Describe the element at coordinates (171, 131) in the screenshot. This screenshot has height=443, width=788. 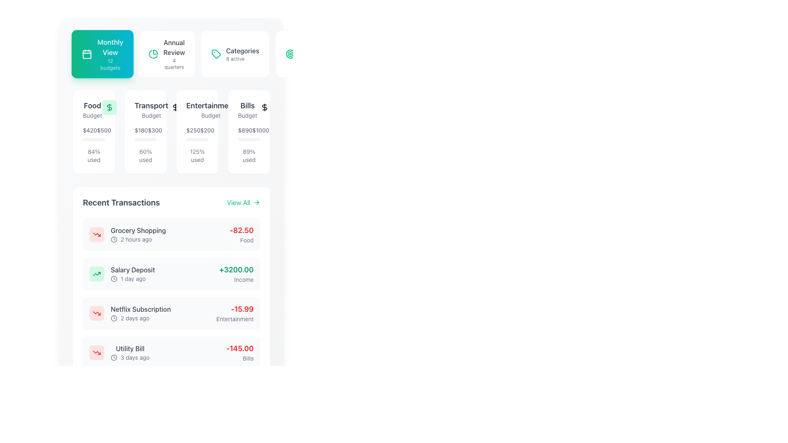
I see `budget data displayed in the 'Transport' column of the grid, which shows allocated budget, current usage, and percentage used` at that location.